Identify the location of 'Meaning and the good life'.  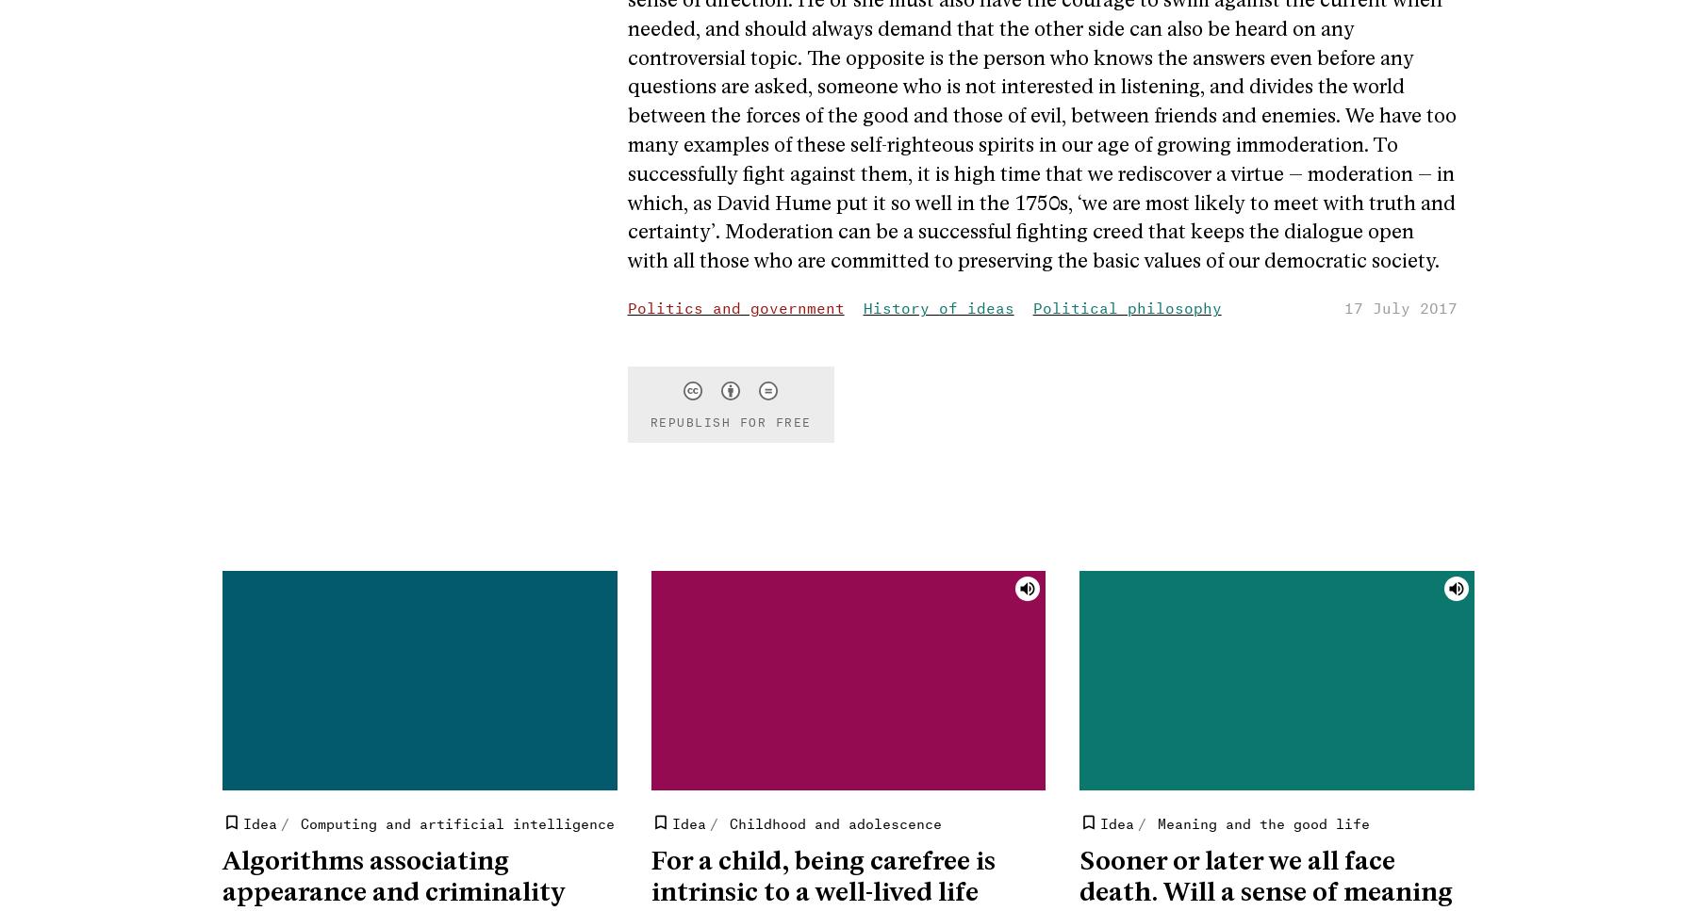
(1156, 821).